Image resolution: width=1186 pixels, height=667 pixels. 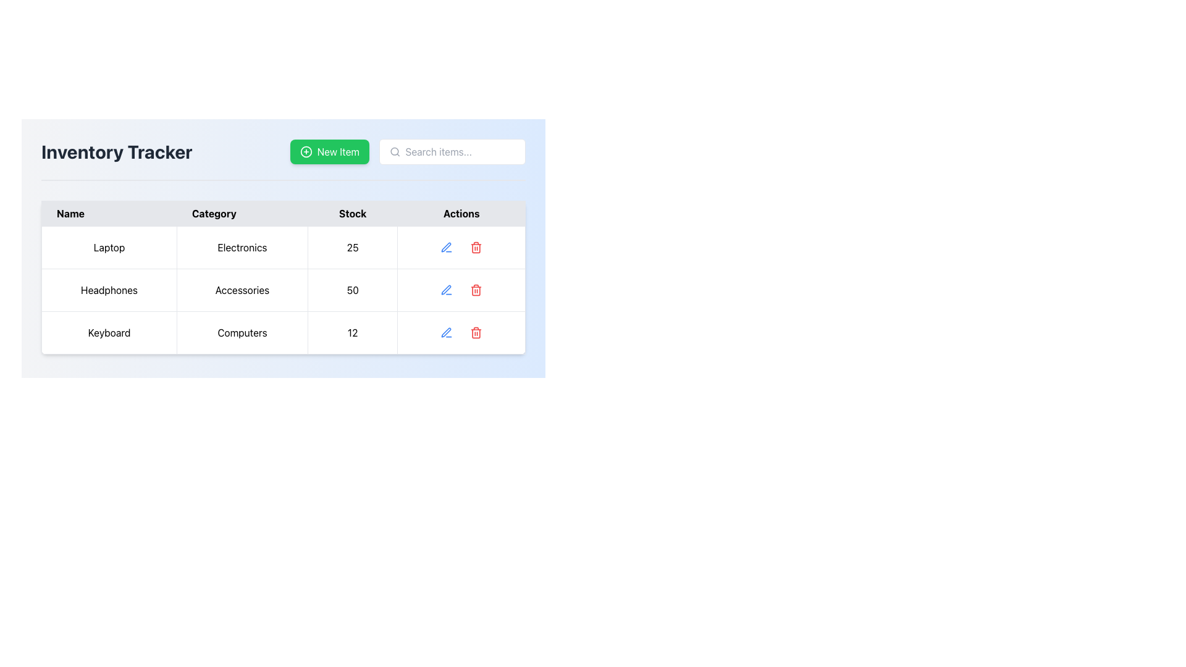 What do you see at coordinates (109, 248) in the screenshot?
I see `the text label displaying the name 'Laptop' in the inventory table, which is located in the topmost row under the 'Name' column` at bounding box center [109, 248].